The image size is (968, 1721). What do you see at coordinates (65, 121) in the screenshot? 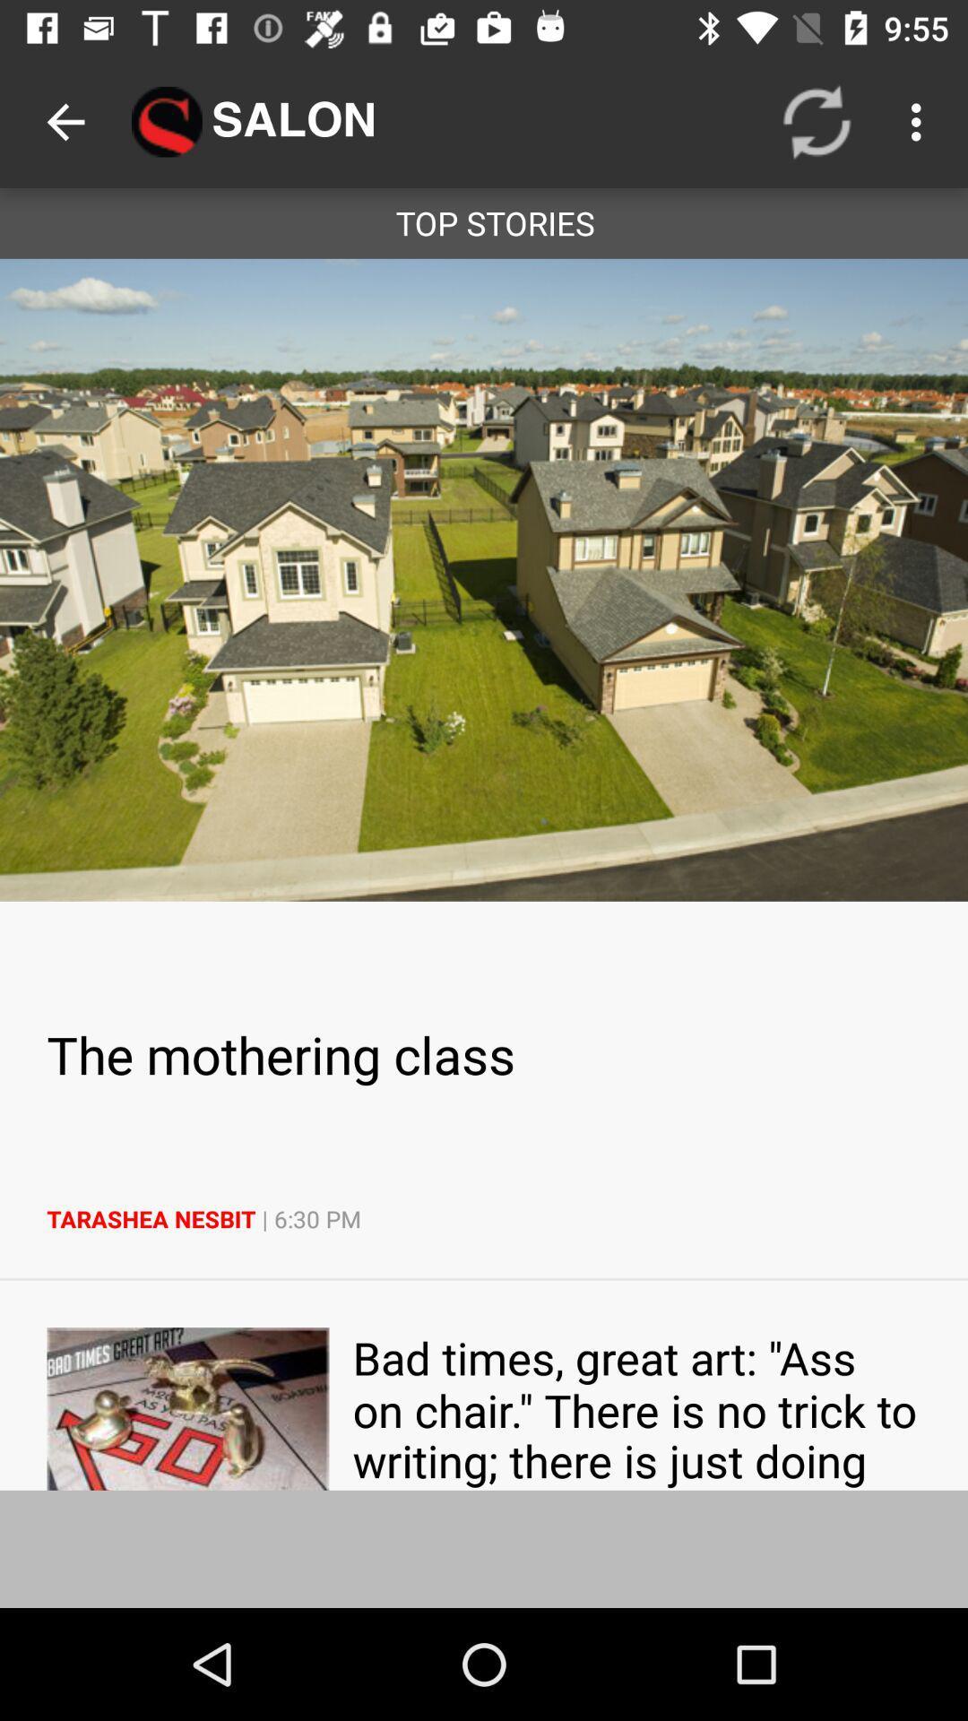
I see `the item above the top stories` at bounding box center [65, 121].